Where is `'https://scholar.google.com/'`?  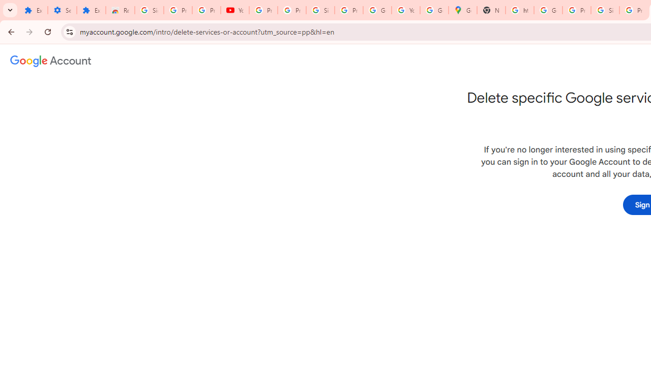
'https://scholar.google.com/' is located at coordinates (520, 10).